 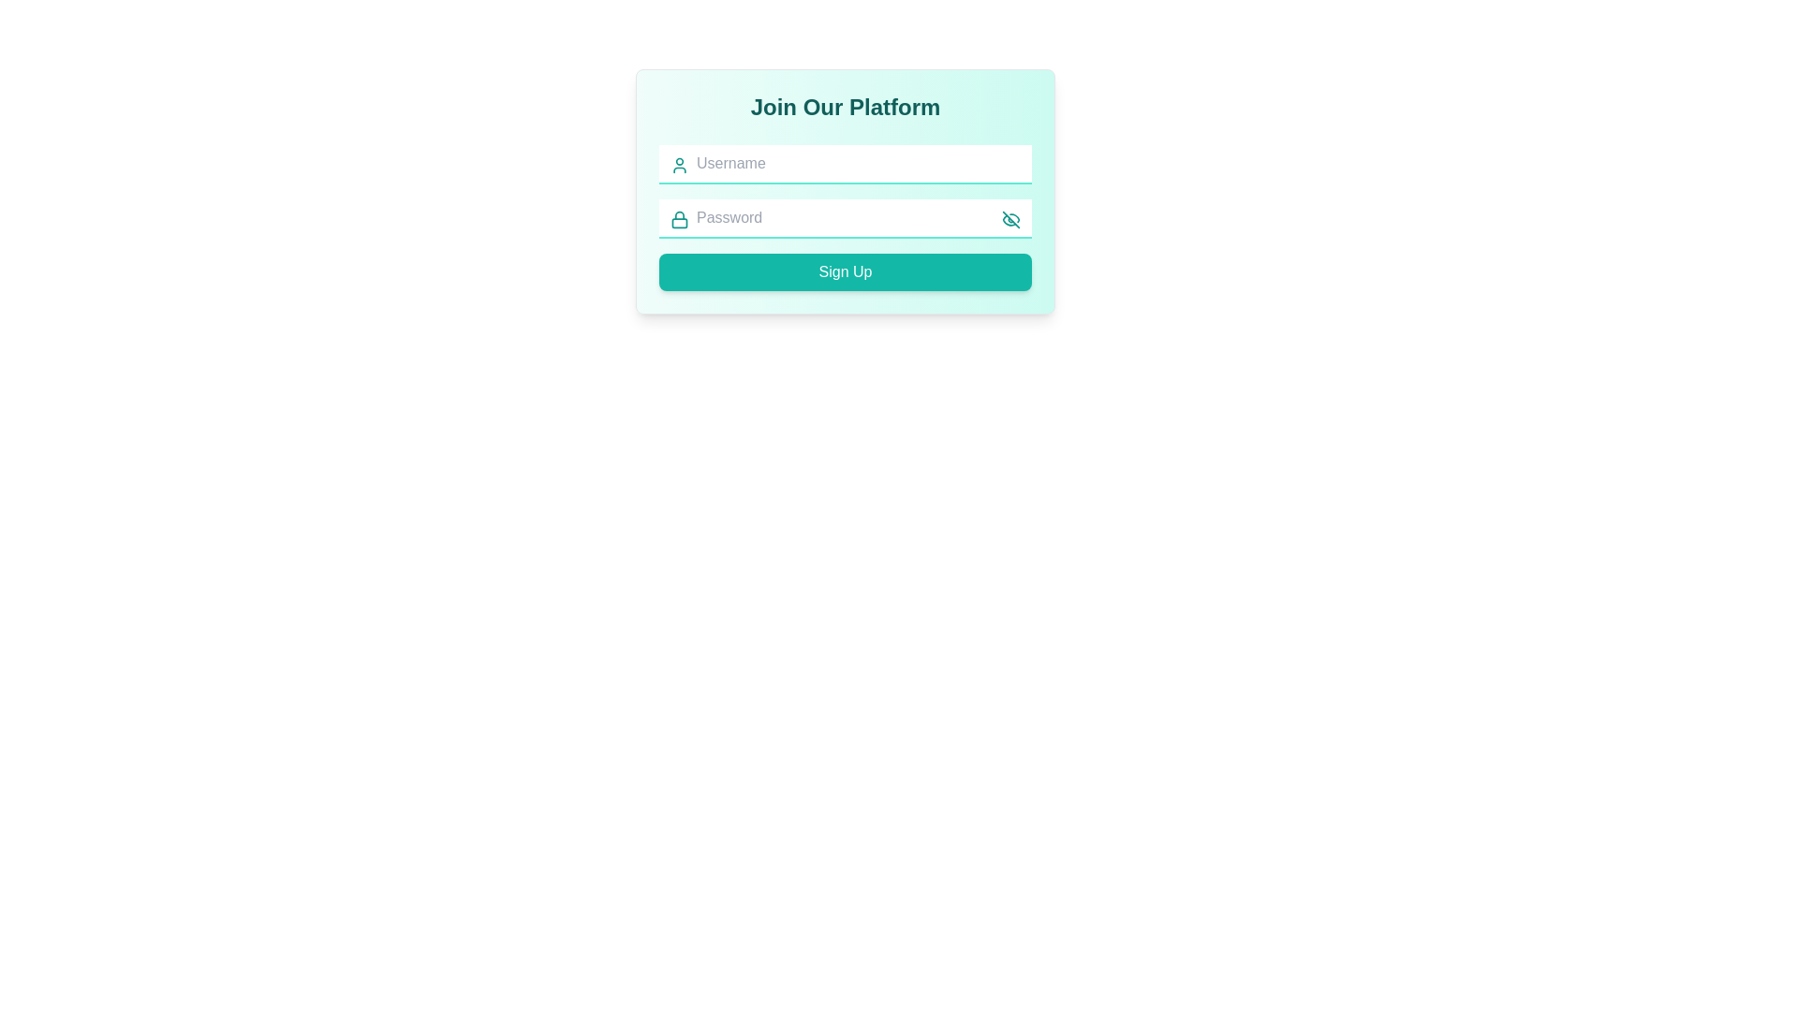 What do you see at coordinates (678, 222) in the screenshot?
I see `the decorative SVG rectangle that represents the body of the lock icon, located to the left of the 'Password' input field` at bounding box center [678, 222].